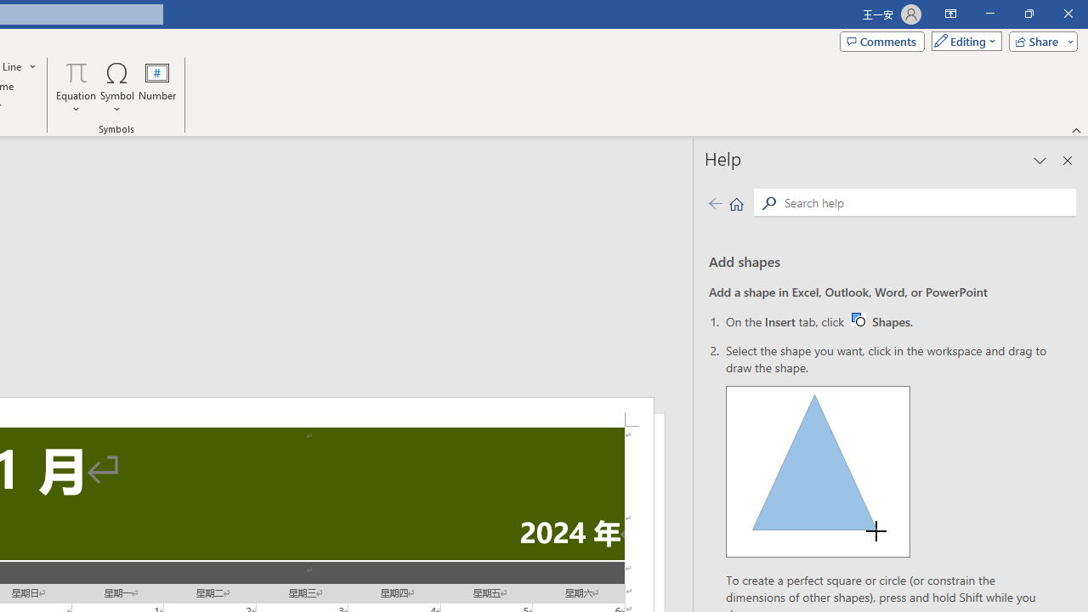  What do you see at coordinates (736, 202) in the screenshot?
I see `'Home'` at bounding box center [736, 202].